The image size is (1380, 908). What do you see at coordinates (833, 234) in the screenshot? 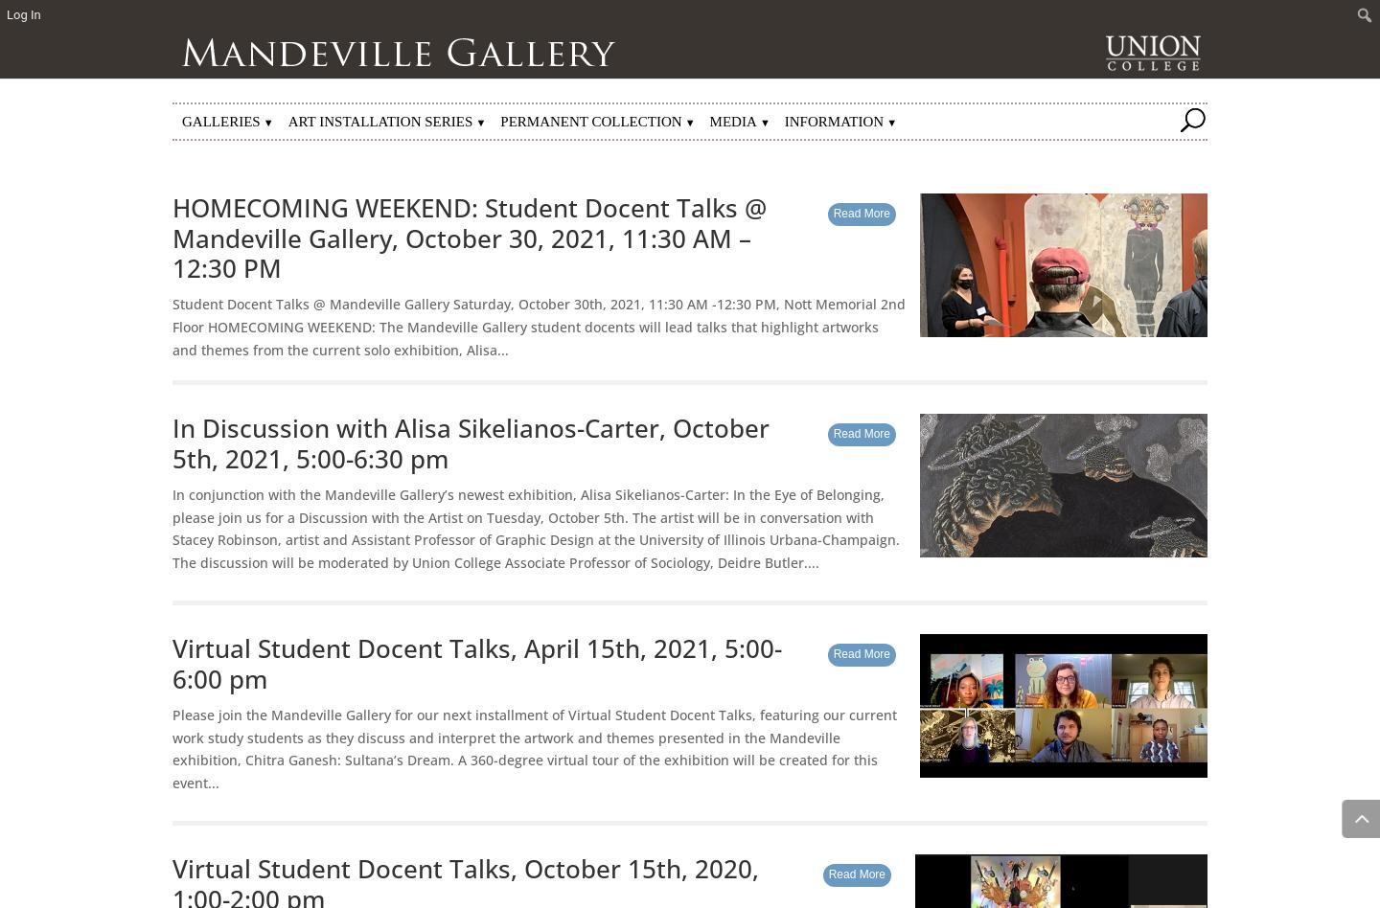
I see `'Adoptable Artworks'` at bounding box center [833, 234].